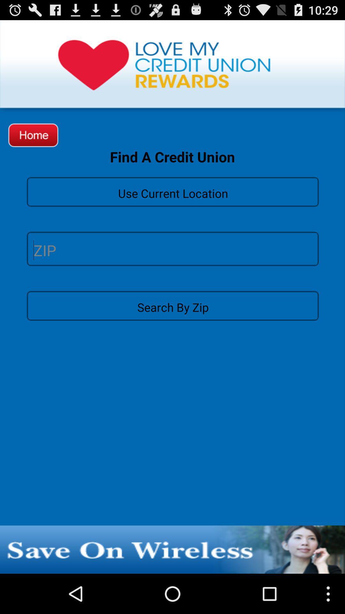 The image size is (345, 614). I want to click on search by zip button, so click(172, 305).